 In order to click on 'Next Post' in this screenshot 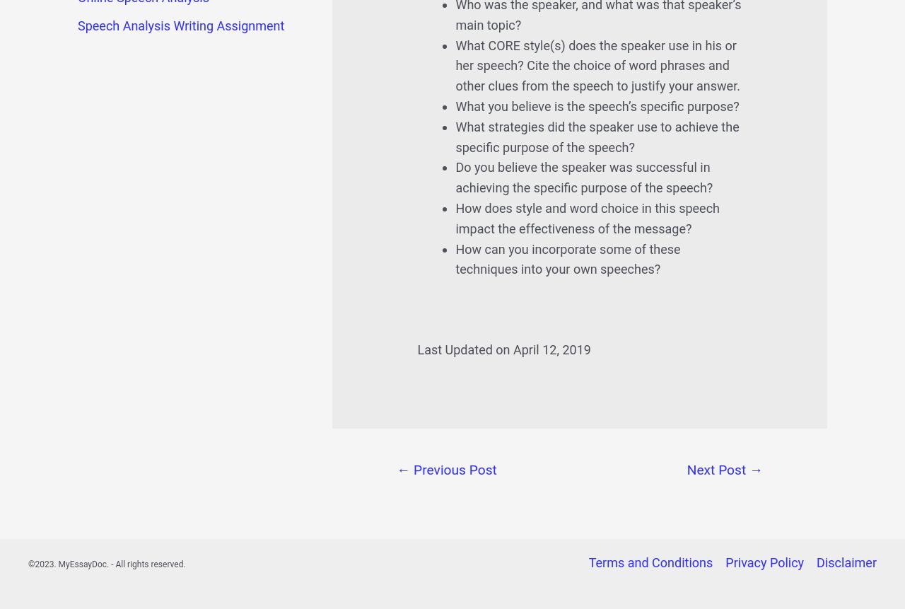, I will do `click(718, 469)`.